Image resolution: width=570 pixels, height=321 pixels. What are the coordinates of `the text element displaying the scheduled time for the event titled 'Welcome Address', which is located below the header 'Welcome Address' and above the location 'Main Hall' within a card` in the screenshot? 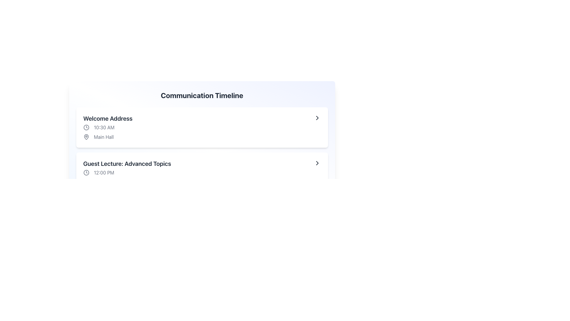 It's located at (108, 127).